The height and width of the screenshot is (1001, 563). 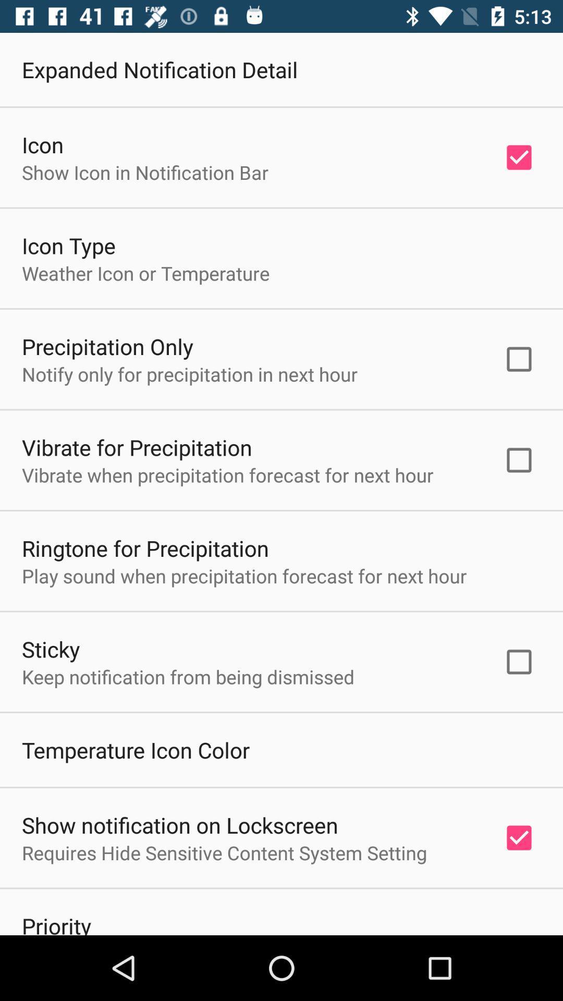 What do you see at coordinates (51, 648) in the screenshot?
I see `the item below the play sound when` at bounding box center [51, 648].